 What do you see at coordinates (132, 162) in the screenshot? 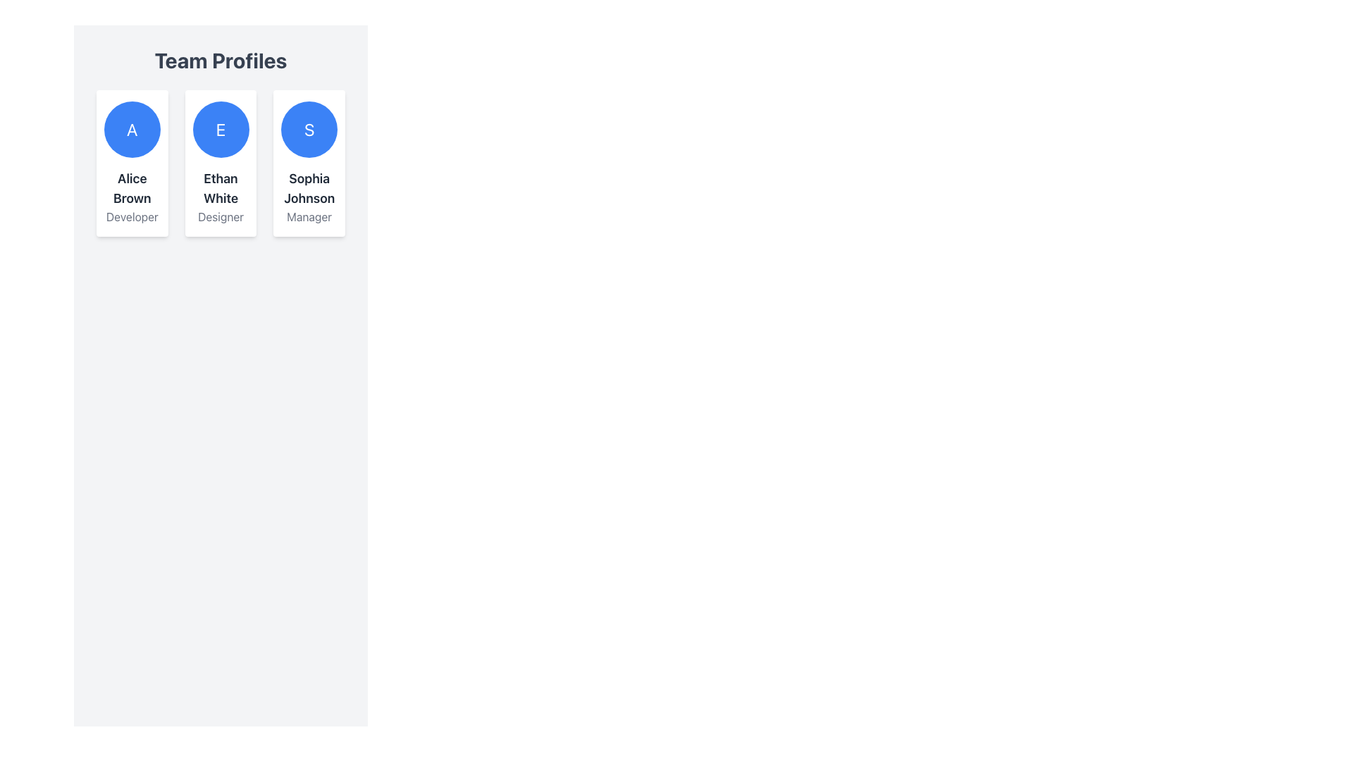
I see `the Profile Card for 'Alice Brown', which features a blue circular area with the letter 'A' in white, followed by the name 'Alice Brown' in bold and 'Developer' in smaller font, all center-aligned against a white background` at bounding box center [132, 162].